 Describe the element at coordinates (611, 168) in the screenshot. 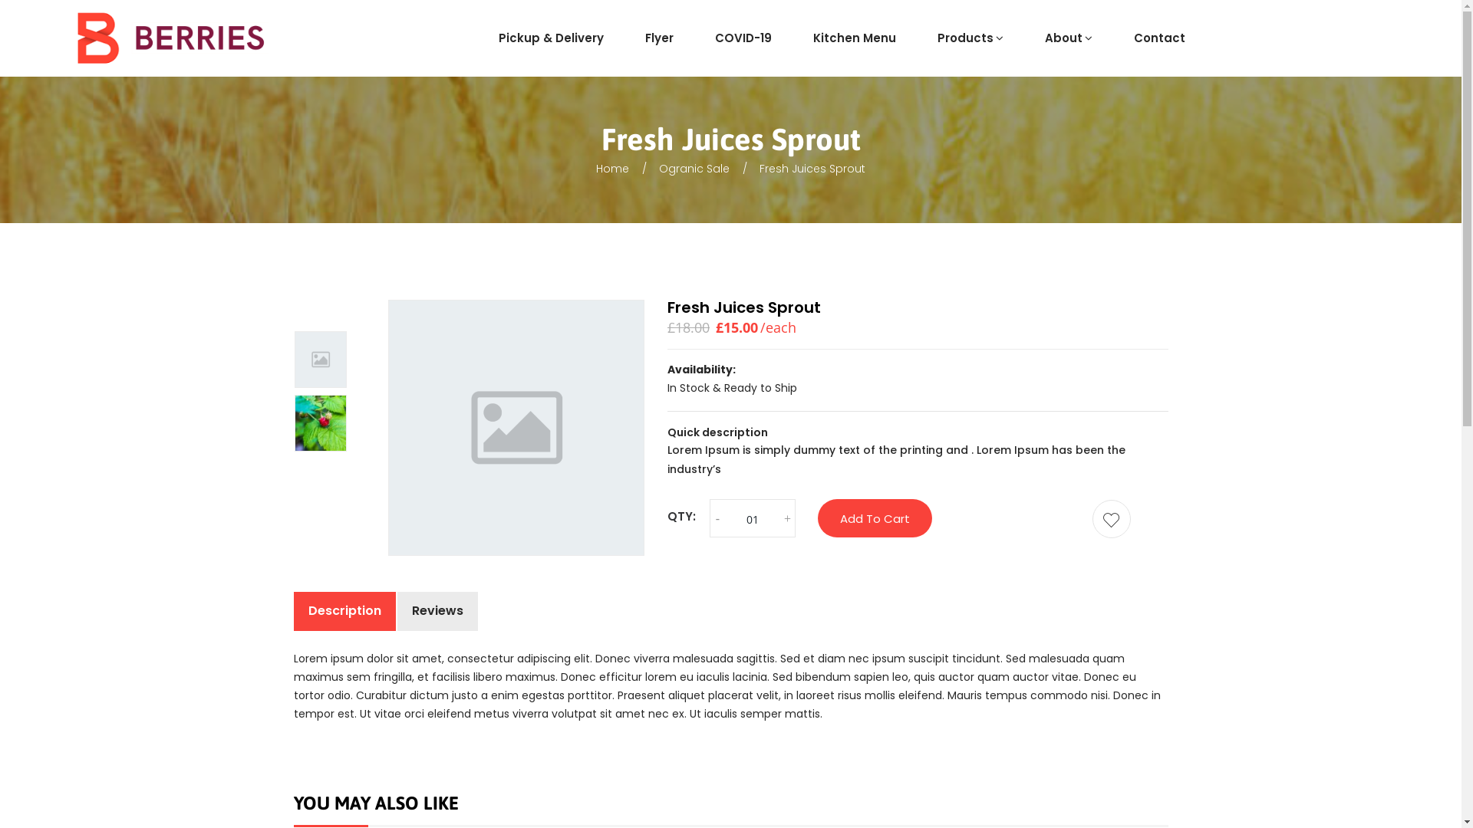

I see `'Home'` at that location.